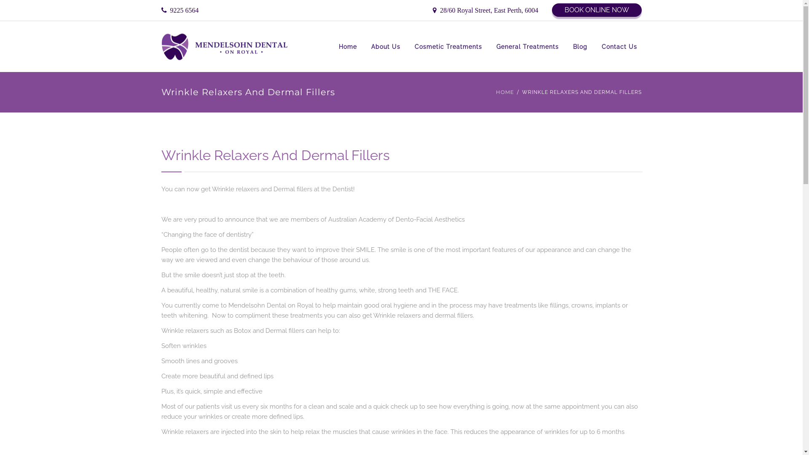 The width and height of the screenshot is (809, 455). I want to click on 'Blog', so click(579, 47).